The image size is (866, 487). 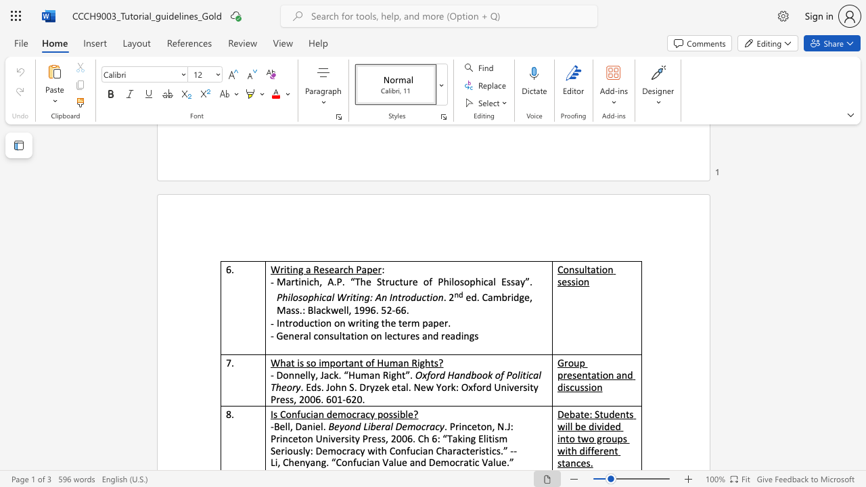 I want to click on the subset text "d Handbook of Politi" within the text "Oxford Handbook of Political", so click(x=439, y=375).